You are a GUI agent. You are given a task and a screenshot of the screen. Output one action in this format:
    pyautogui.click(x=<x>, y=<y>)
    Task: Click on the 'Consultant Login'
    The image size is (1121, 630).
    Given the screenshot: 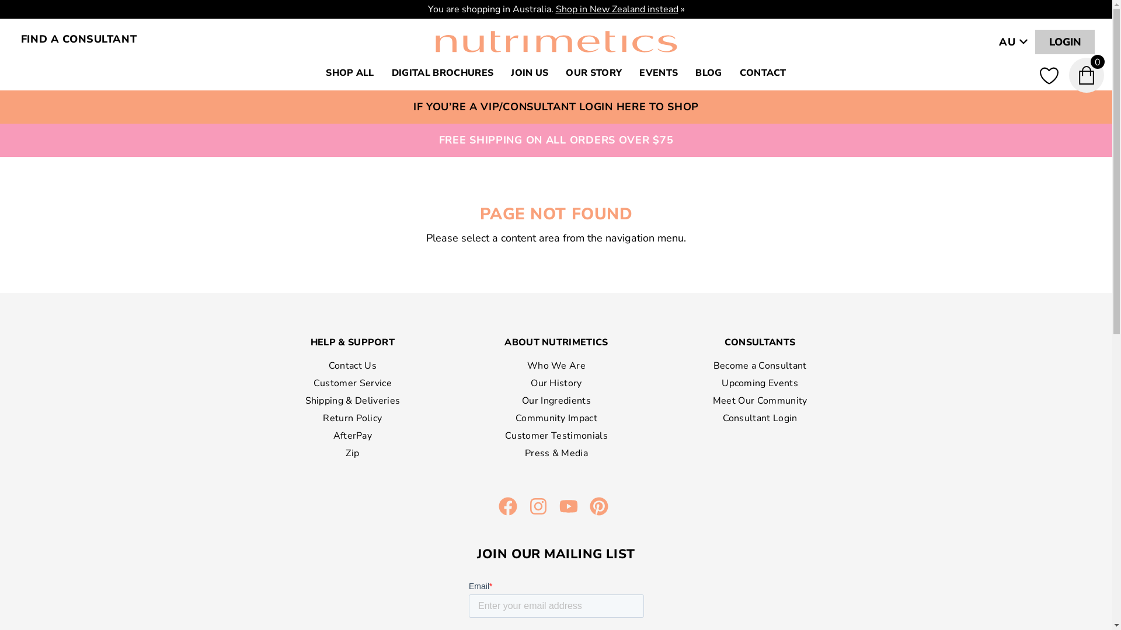 What is the action you would take?
    pyautogui.click(x=760, y=418)
    